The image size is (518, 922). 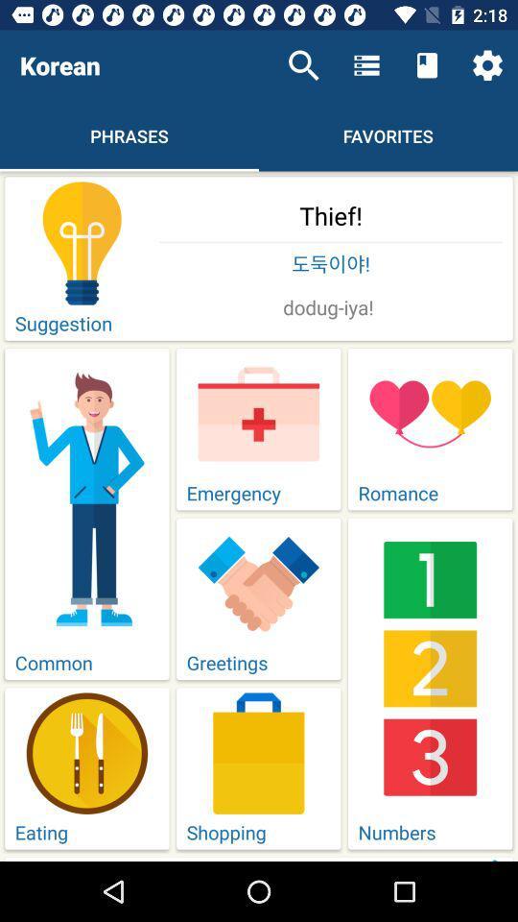 I want to click on item next to the korean icon, so click(x=303, y=65).